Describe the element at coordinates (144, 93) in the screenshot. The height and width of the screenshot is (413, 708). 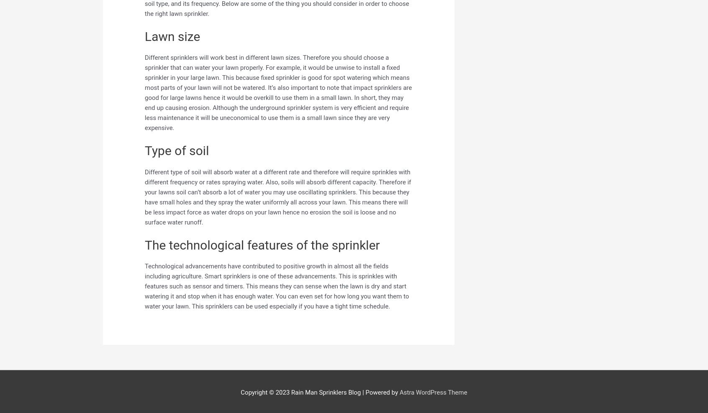
I see `'Different sprinklers will work best in different lawn sizes. Therefore you should choose a sprinkler that can water your lawn properly. For example, it would be unwise to install a fixed sprinkler in your large lawn. This because fixed sprinkler is good for spot watering which means most parts of your lawn will not be watered. It’s also important to note that impact sprinklers are good for large lawns hence it would be overkill to use them in a small lawn. In short, they may end up causing erosion. Although the underground sprinkler system is very efficient and require less maintenance it will be uneconomical to use them is a small lawn since they are very expensive.'` at that location.